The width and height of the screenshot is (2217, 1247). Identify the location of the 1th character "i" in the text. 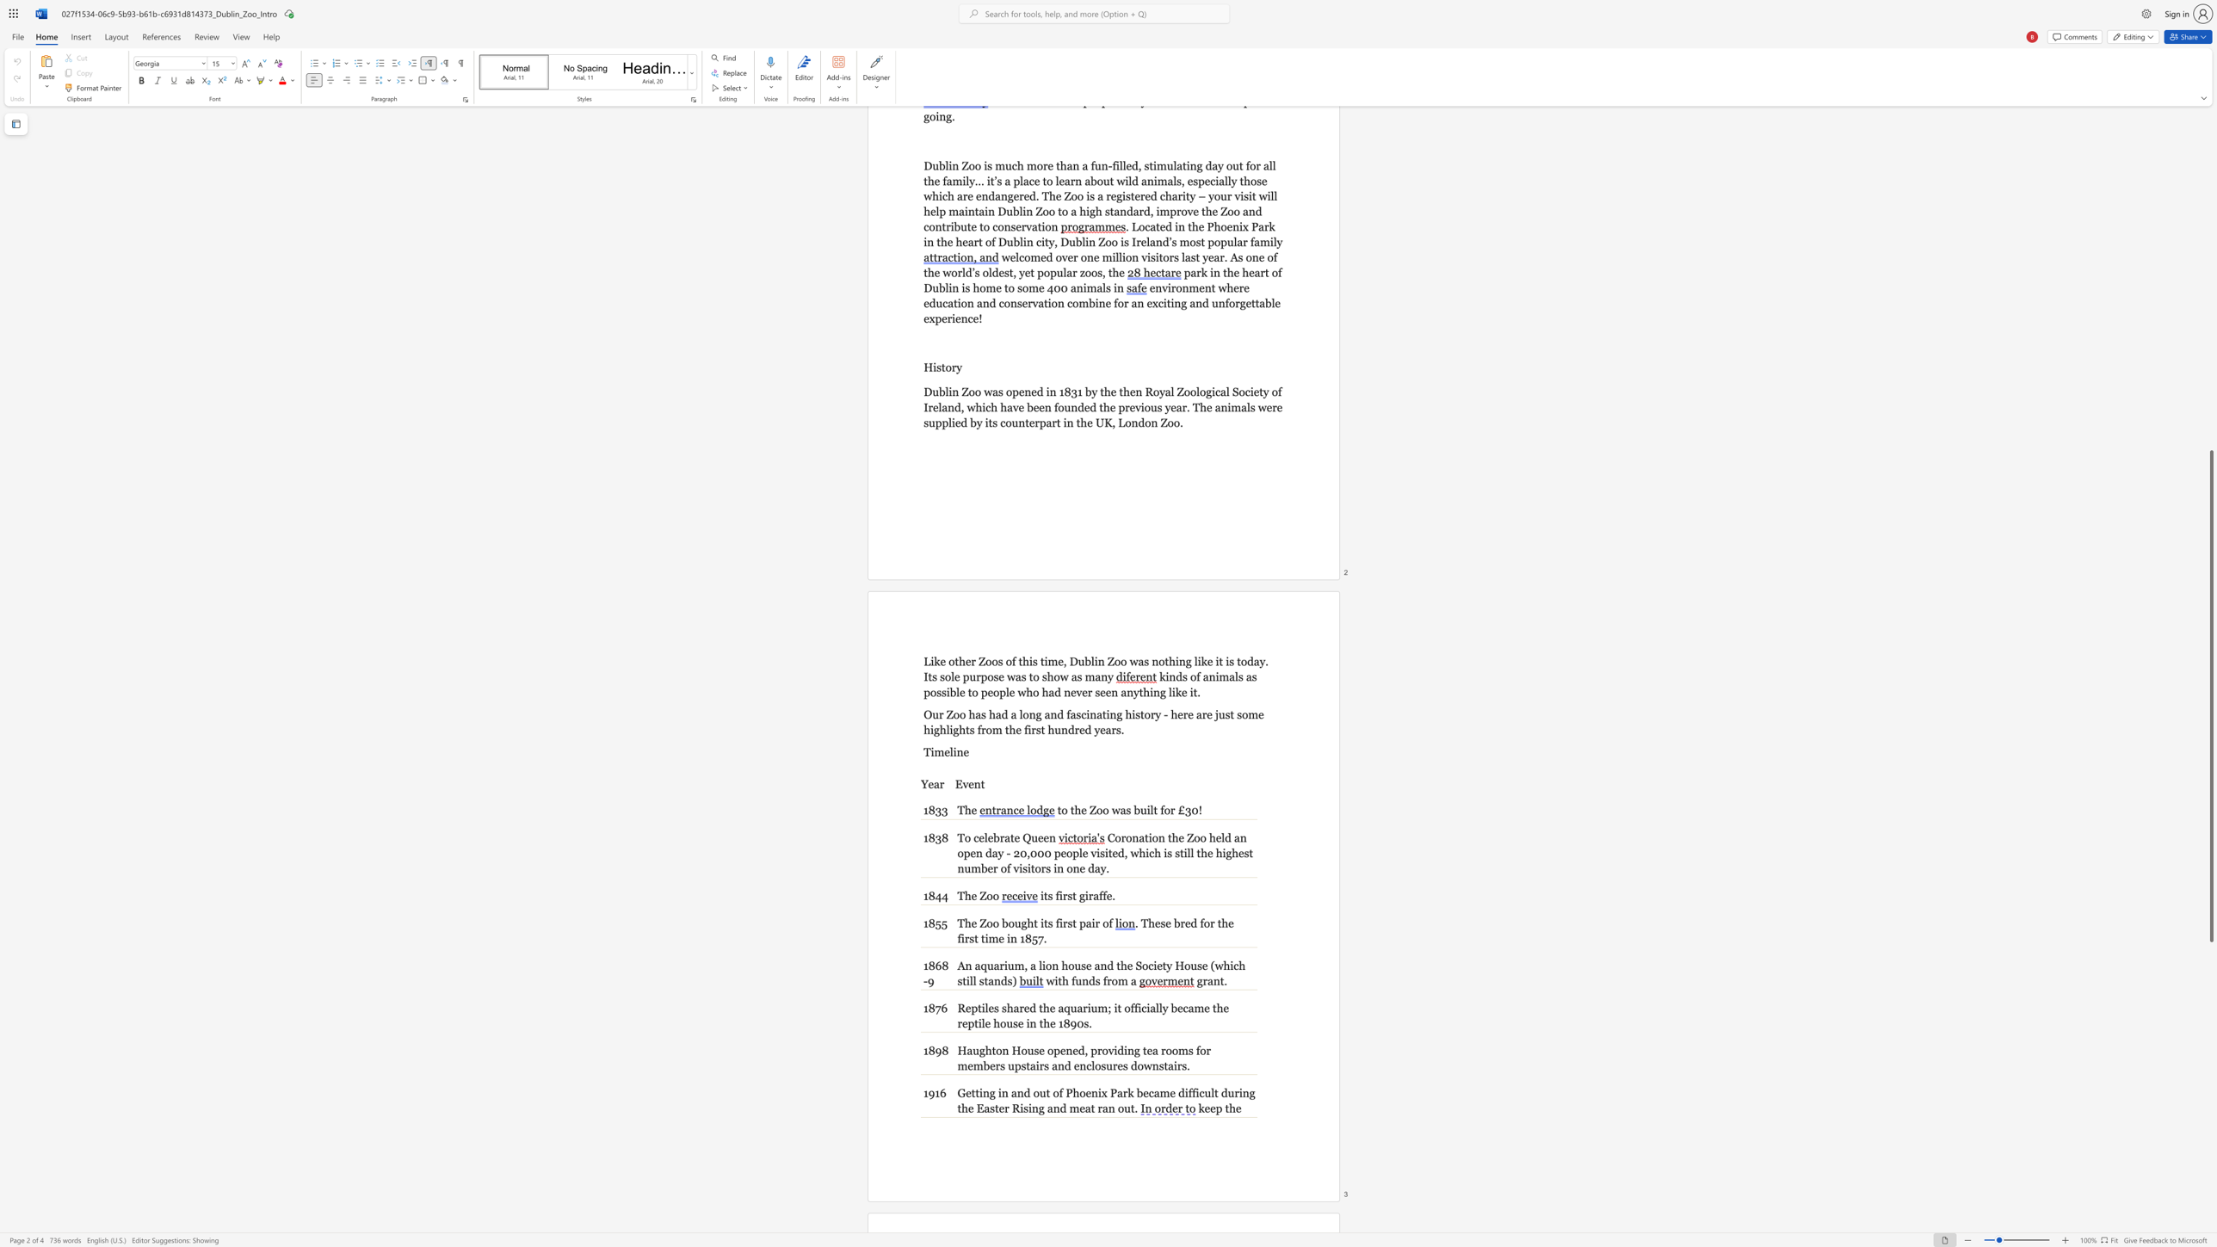
(1056, 979).